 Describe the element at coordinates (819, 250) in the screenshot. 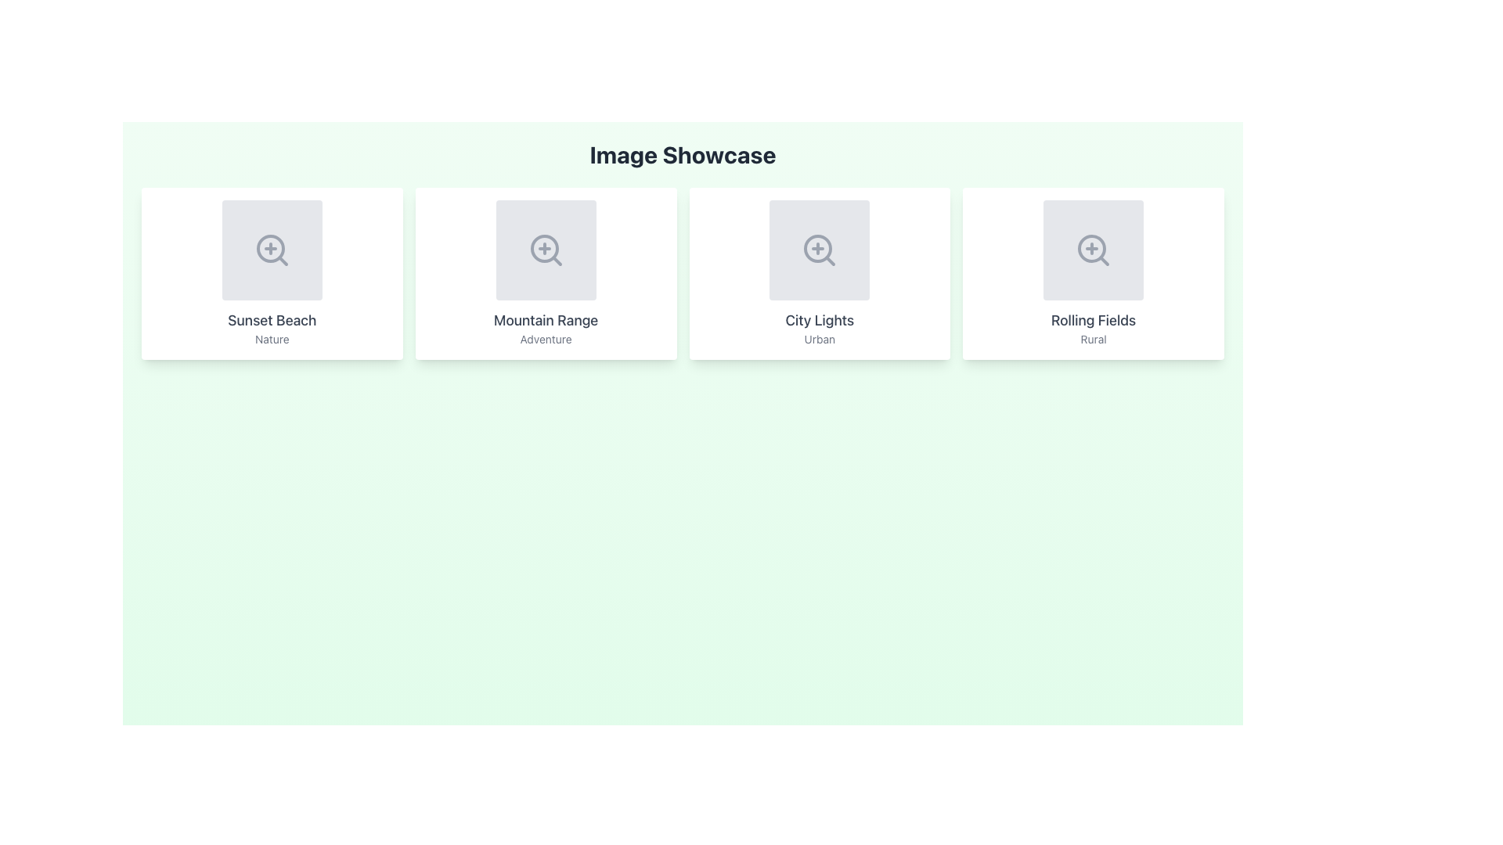

I see `the zoom icon located in the 'City Lights' card, which is positioned in the third column of the image showcase grid` at that location.